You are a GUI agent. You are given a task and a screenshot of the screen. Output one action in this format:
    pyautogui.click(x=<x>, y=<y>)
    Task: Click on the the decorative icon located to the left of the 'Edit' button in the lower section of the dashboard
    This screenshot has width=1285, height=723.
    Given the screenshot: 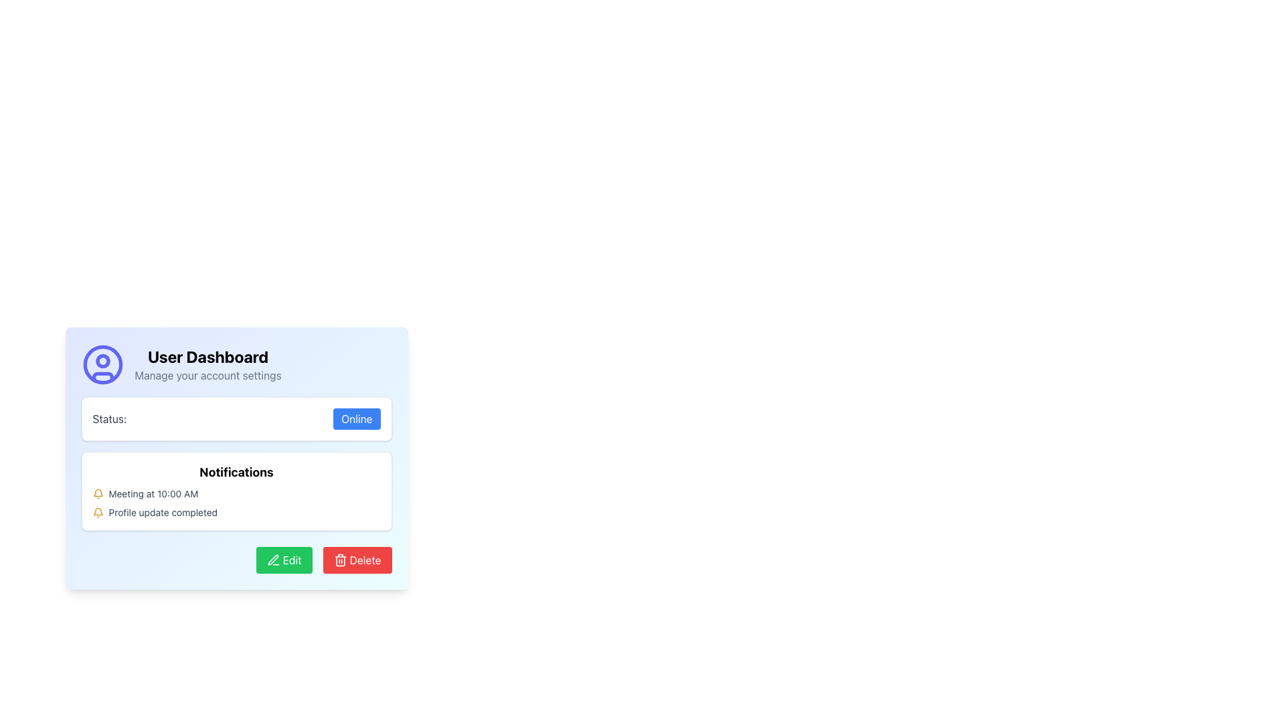 What is the action you would take?
    pyautogui.click(x=272, y=560)
    